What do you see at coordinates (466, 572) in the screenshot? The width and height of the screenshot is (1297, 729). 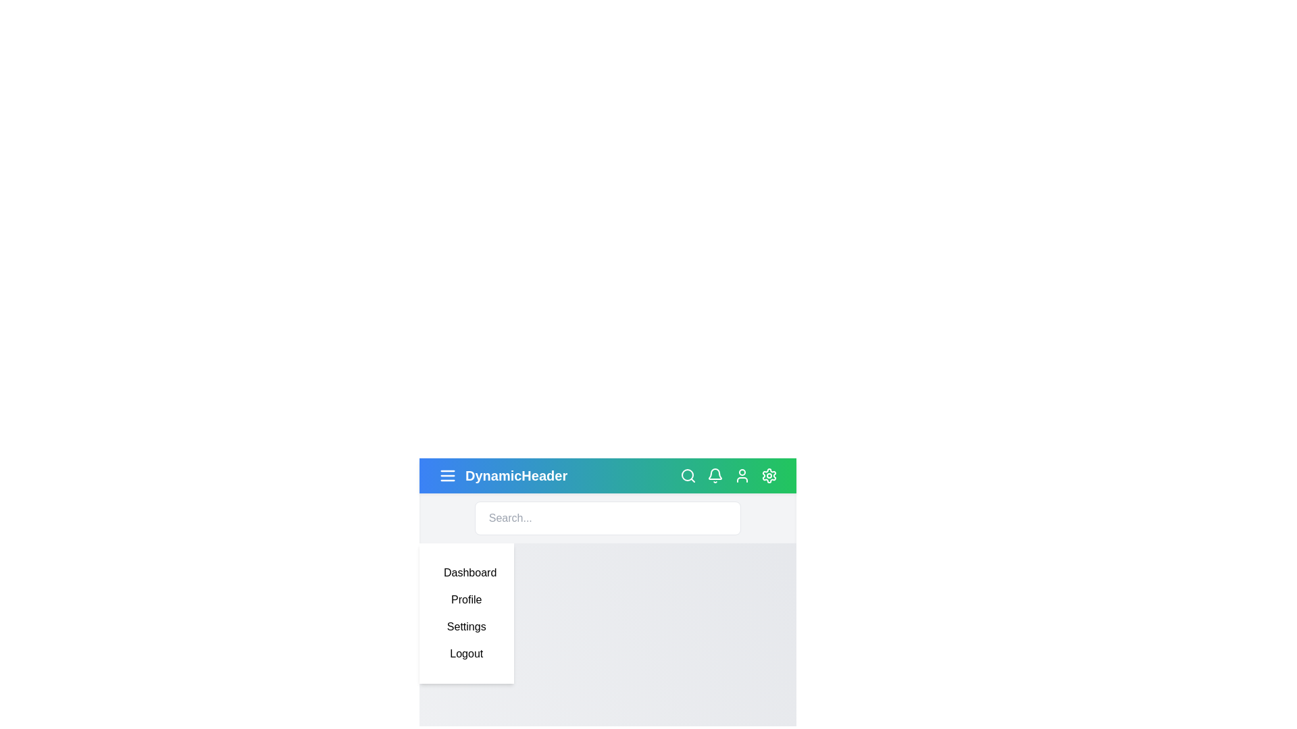 I see `the 'Dashboard' menu item` at bounding box center [466, 572].